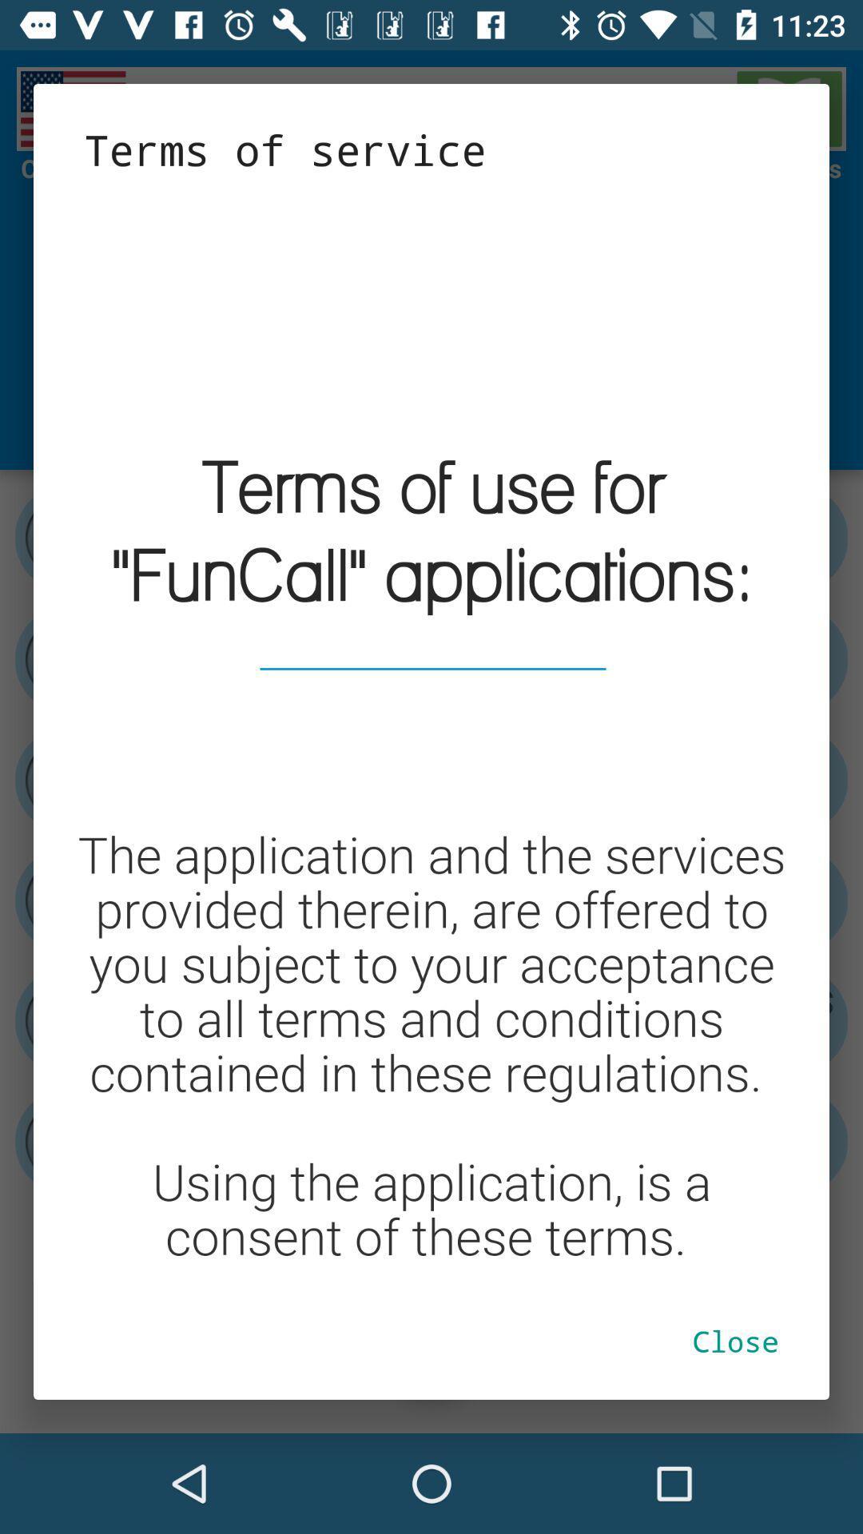 The image size is (863, 1534). Describe the element at coordinates (735, 1341) in the screenshot. I see `close` at that location.